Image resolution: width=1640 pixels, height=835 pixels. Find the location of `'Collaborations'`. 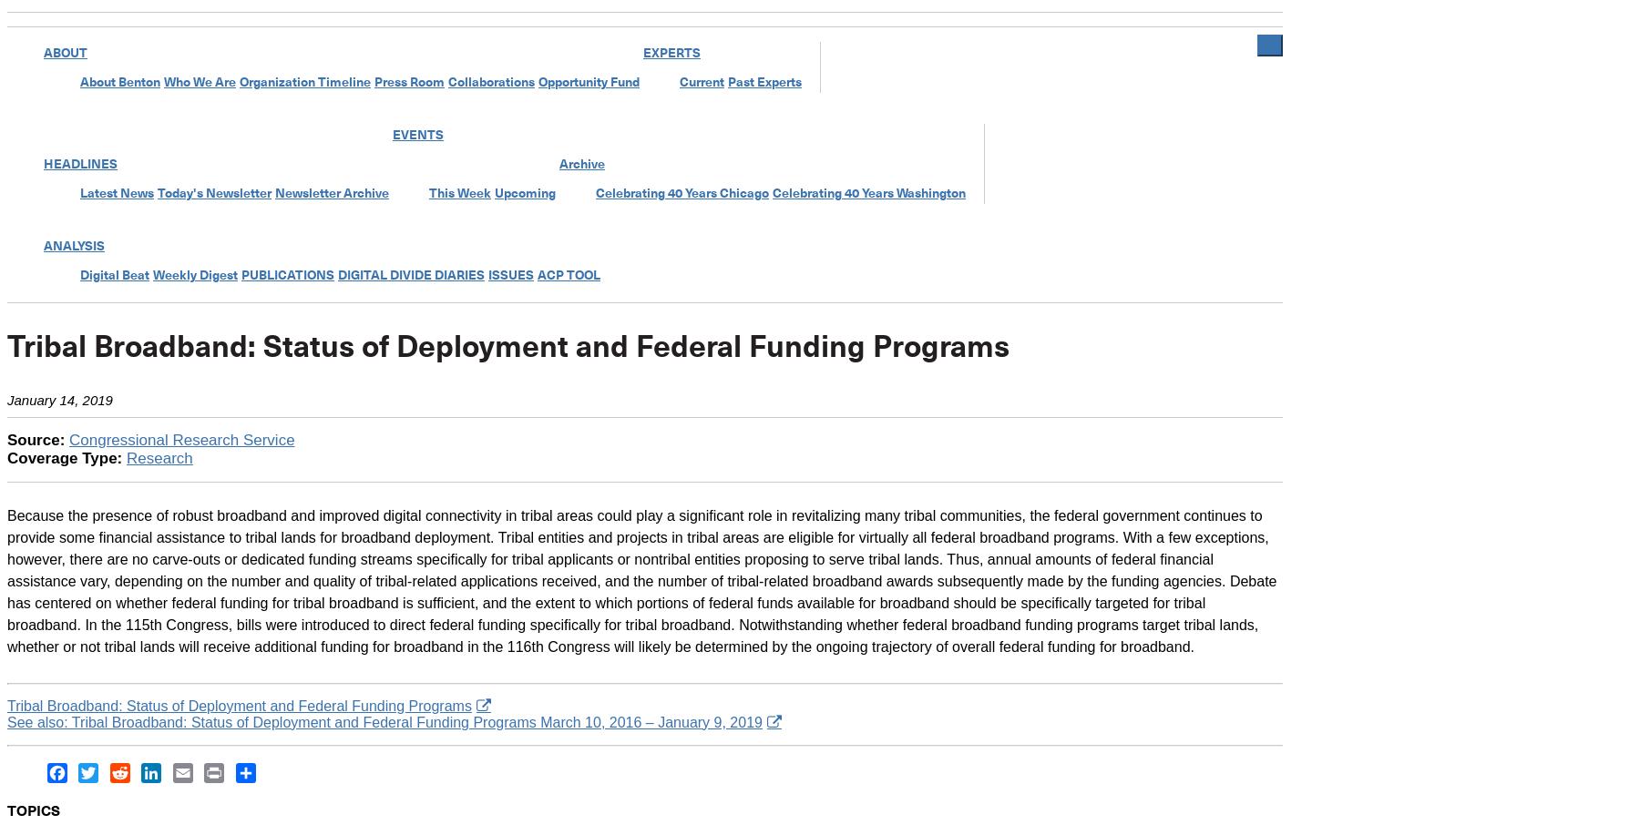

'Collaborations' is located at coordinates (446, 81).